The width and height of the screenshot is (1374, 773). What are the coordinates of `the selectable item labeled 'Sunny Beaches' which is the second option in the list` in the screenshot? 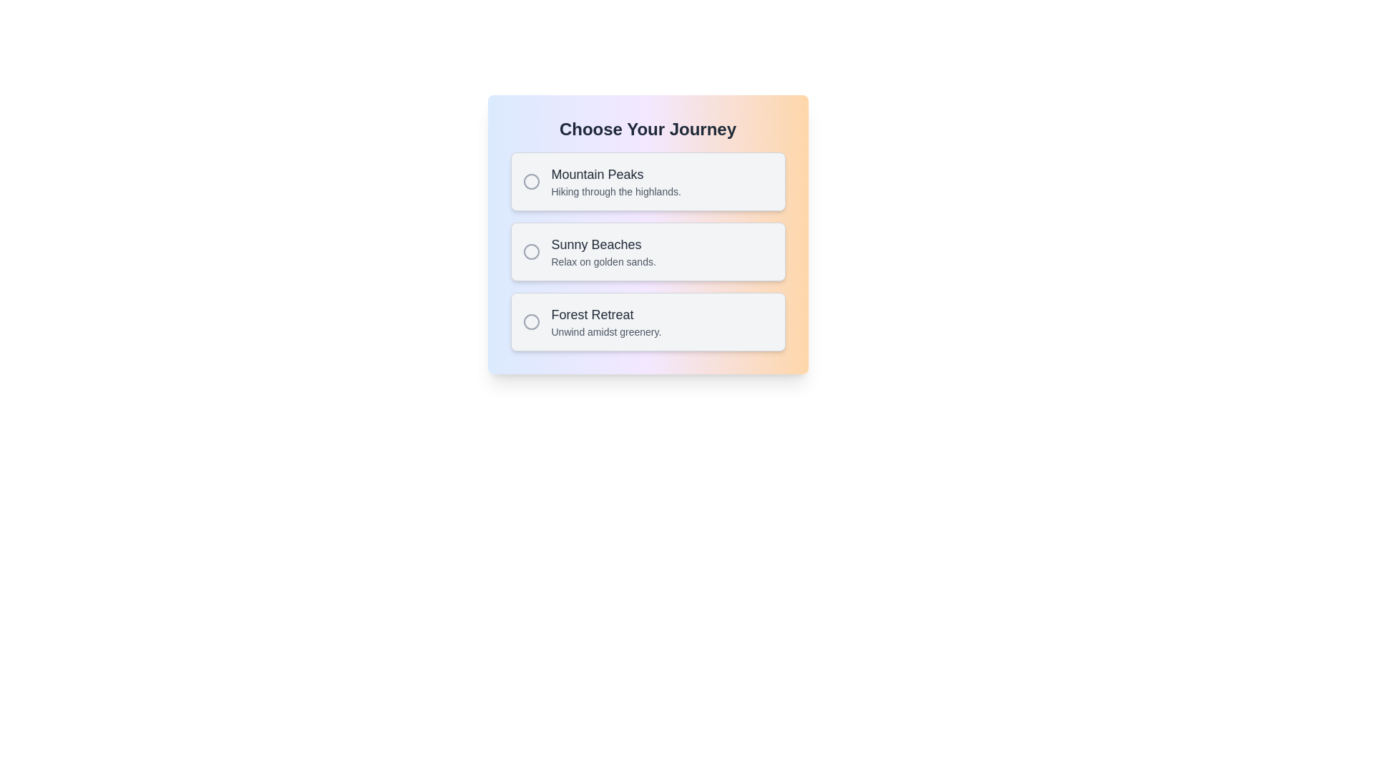 It's located at (647, 251).